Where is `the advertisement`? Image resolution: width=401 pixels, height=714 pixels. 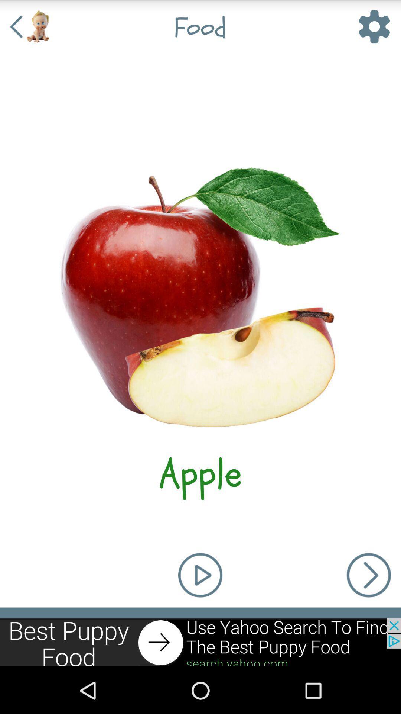 the advertisement is located at coordinates (200, 642).